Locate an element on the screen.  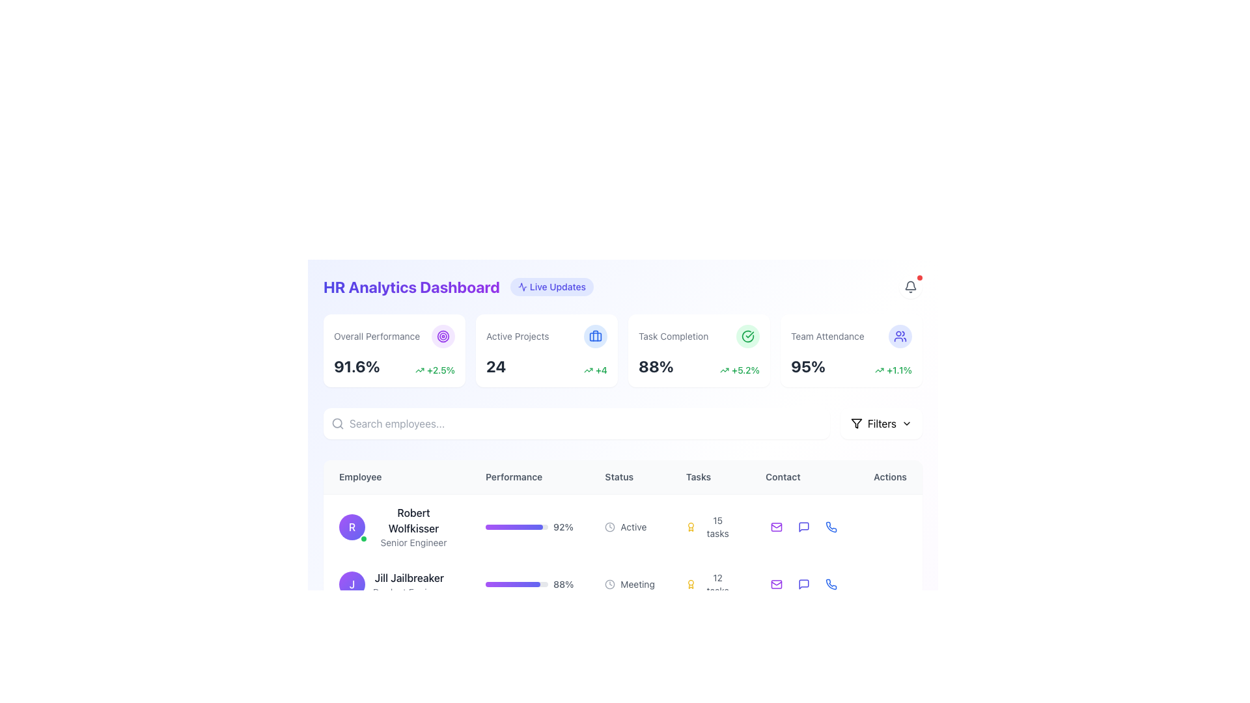
the Text Display that shows the completion percentage in the 'Task Completion' section, specifically in the third card from the left in the top metrics row is located at coordinates (656, 366).